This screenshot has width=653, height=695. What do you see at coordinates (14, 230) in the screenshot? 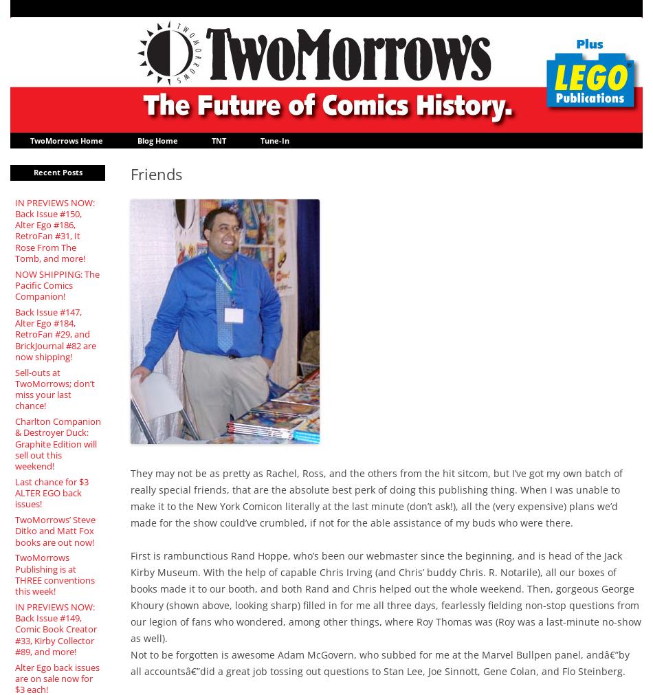
I see `'IN PREVIEWS NOW: Back Issue #150, Alter Ego #186, RetroFan #31, It Rose From The Tomb, and more!'` at bounding box center [14, 230].